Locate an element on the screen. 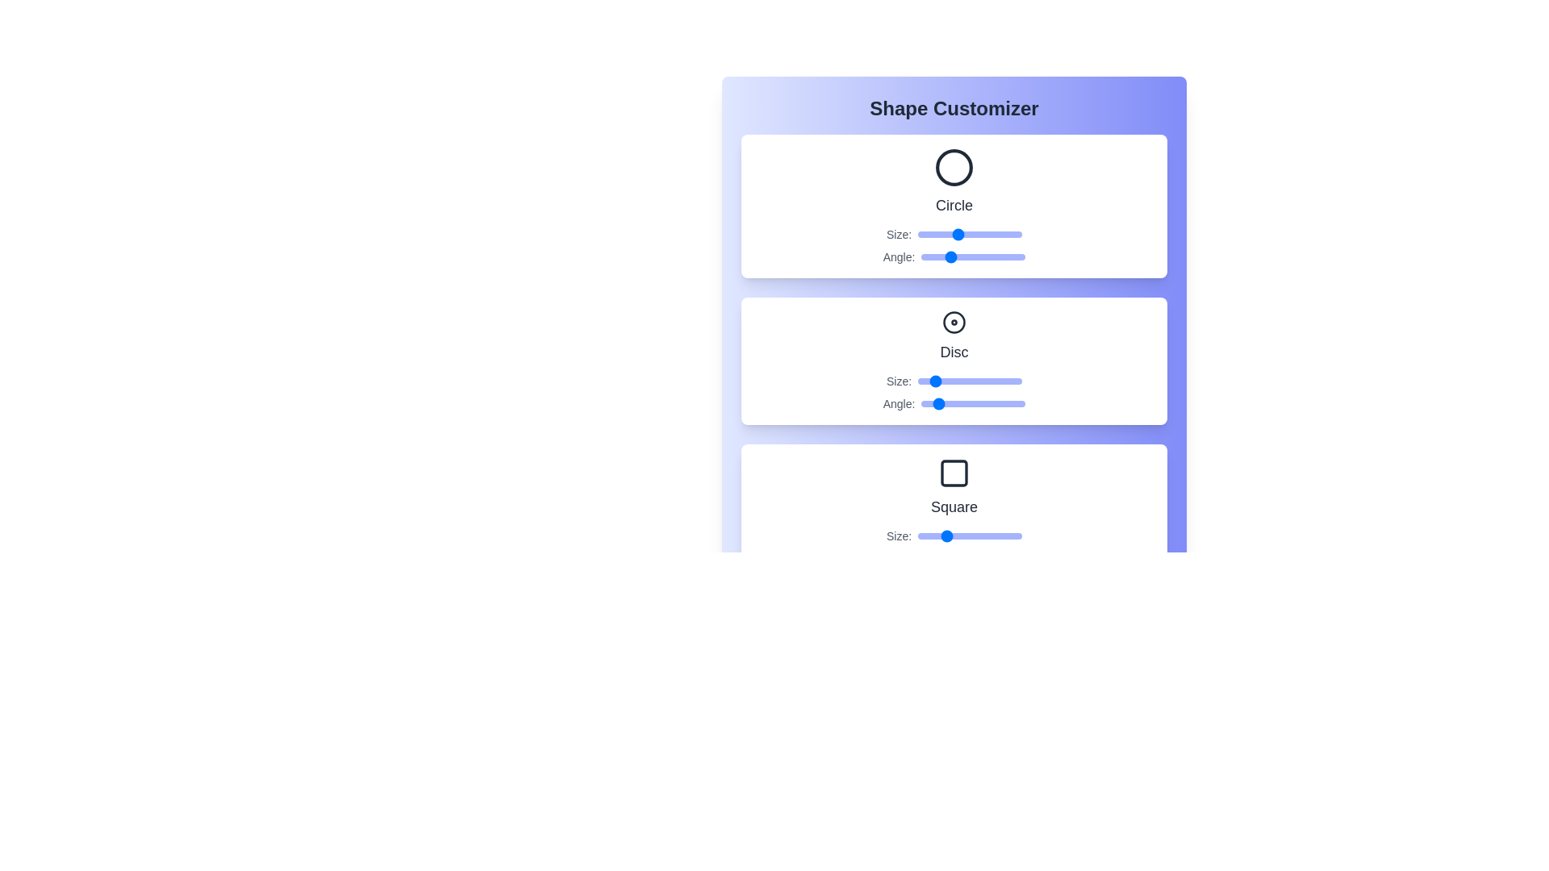  the Circle's angle slider to 210 degrees is located at coordinates (981, 256).